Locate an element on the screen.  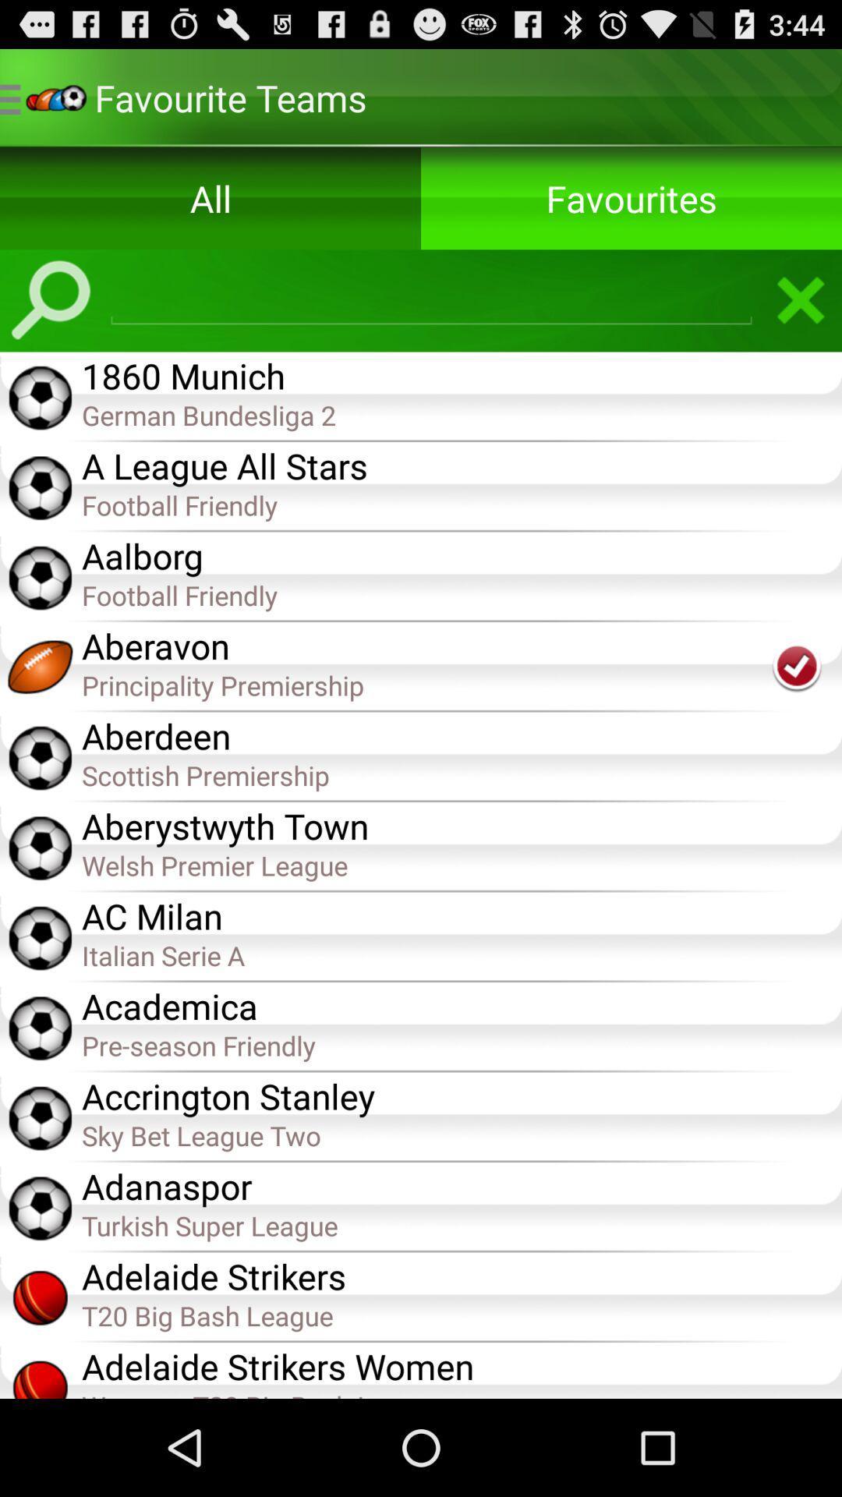
sky bet league item is located at coordinates (461, 1134).